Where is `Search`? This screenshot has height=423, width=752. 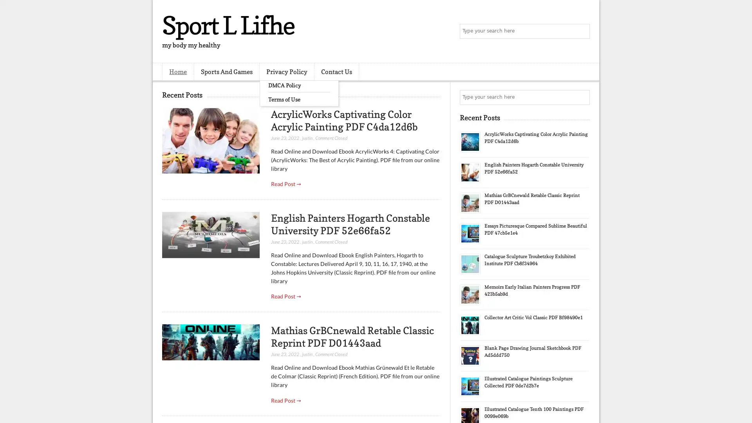 Search is located at coordinates (582, 97).